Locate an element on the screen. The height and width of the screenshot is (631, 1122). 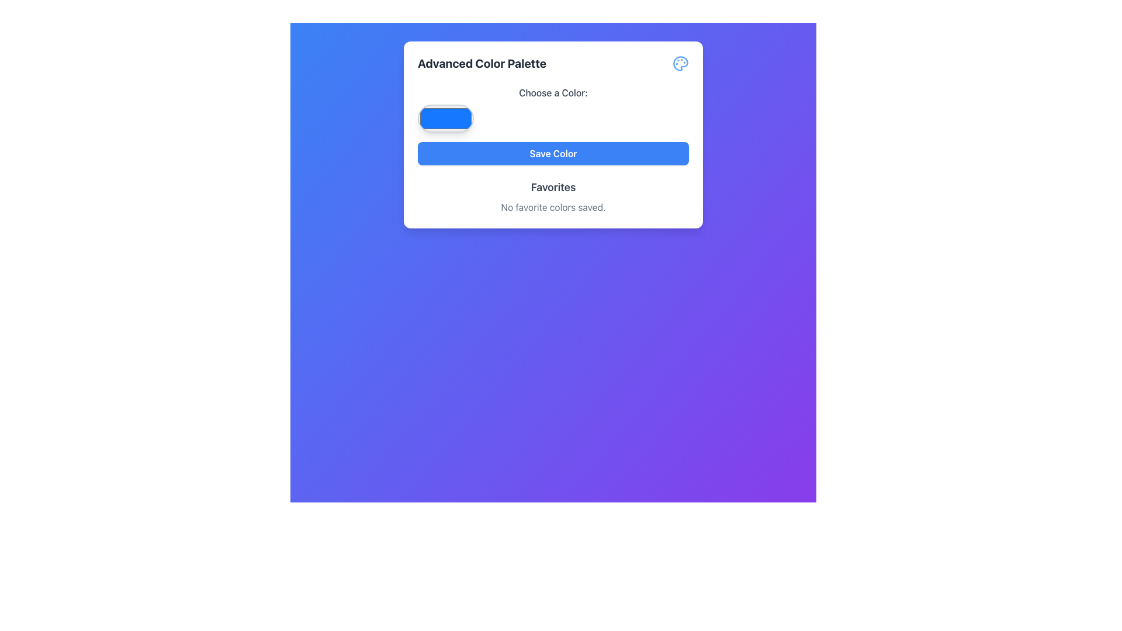
the Text Label that provides instructions for the color selection box, which is positioned above the color picker in the card layout is located at coordinates (552, 92).